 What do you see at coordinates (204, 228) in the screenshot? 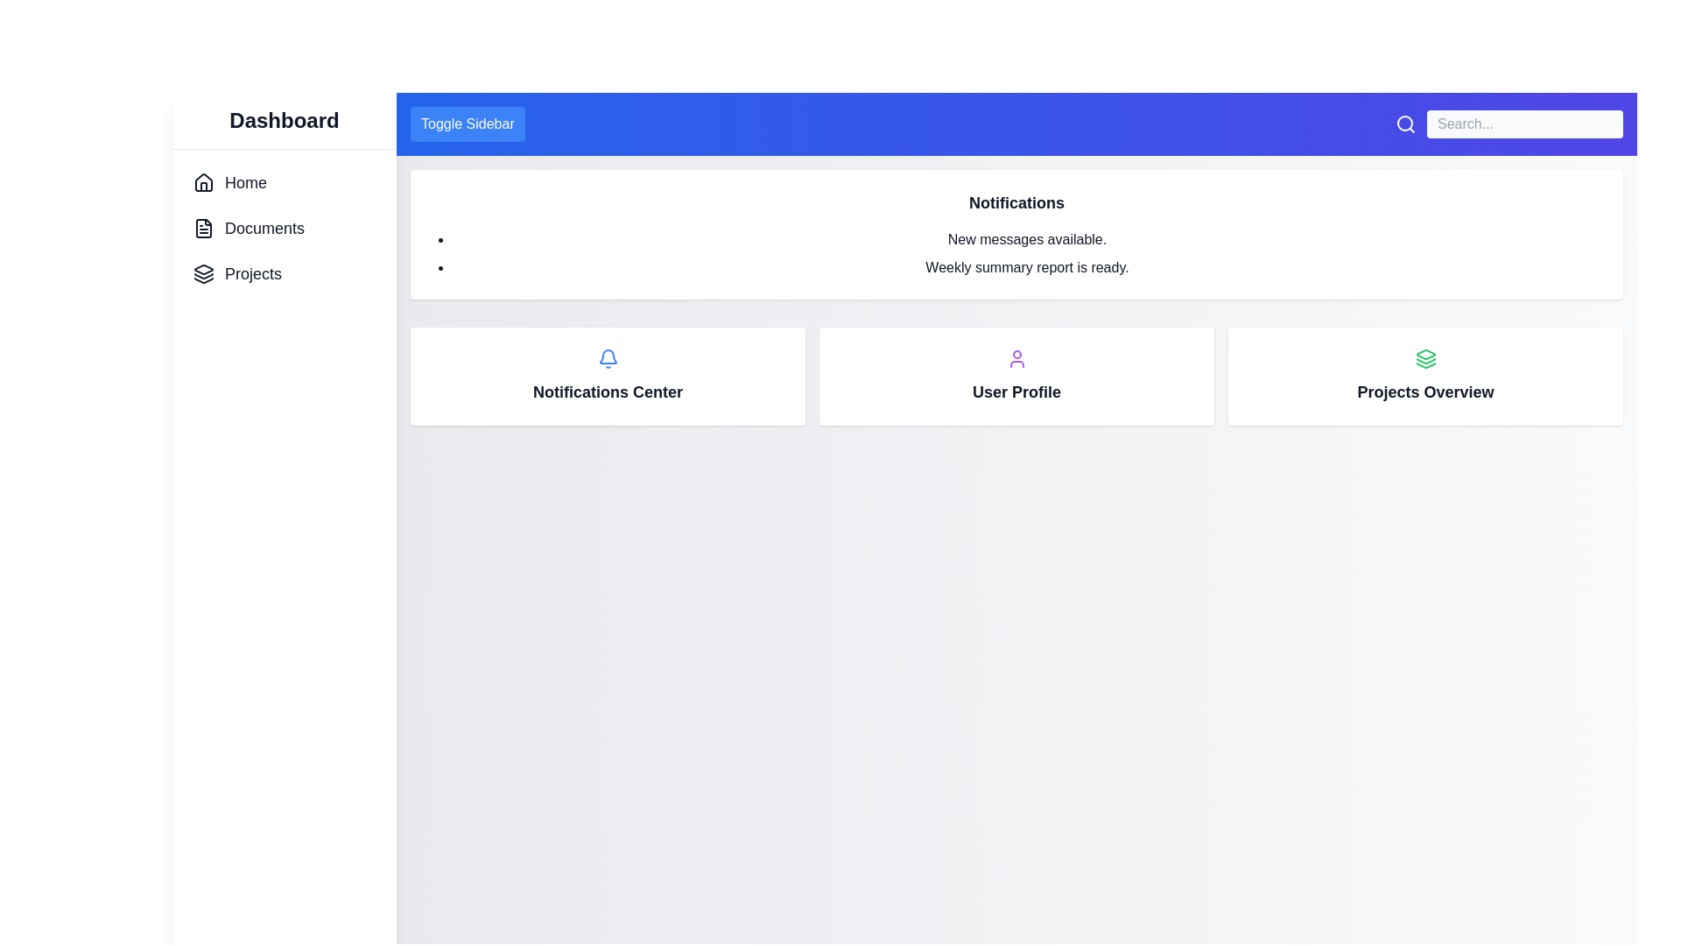
I see `the 'Documents' icon located in the sidebar menu, which is positioned to the left of the text 'Documents', below 'Home', and above 'Projects'` at bounding box center [204, 228].